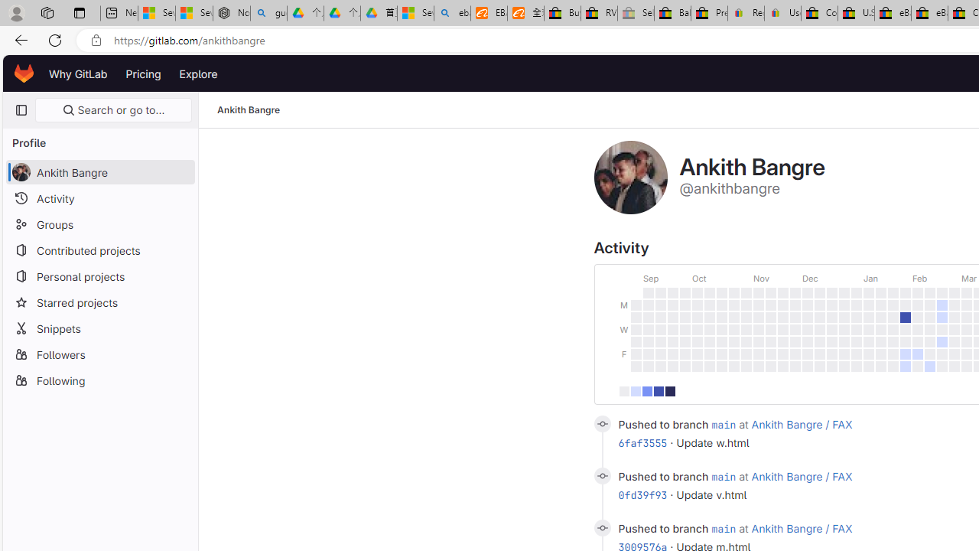 The image size is (979, 551). Describe the element at coordinates (99, 328) in the screenshot. I see `'Snippets'` at that location.